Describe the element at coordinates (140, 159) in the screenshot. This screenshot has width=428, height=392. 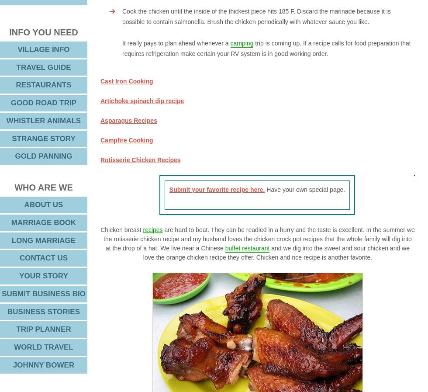
I see `'Rotisserie Chicken Recipes'` at that location.